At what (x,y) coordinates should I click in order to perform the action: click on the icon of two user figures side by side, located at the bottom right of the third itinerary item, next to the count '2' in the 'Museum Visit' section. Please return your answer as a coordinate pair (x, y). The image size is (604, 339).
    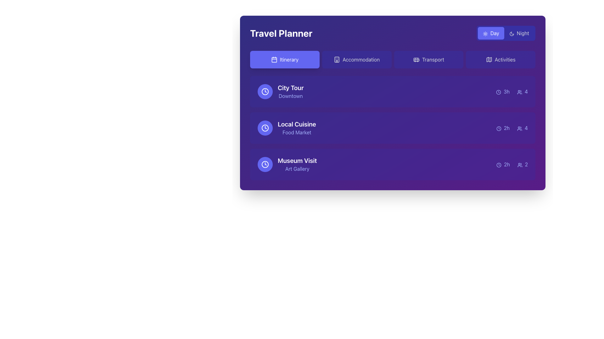
    Looking at the image, I should click on (520, 164).